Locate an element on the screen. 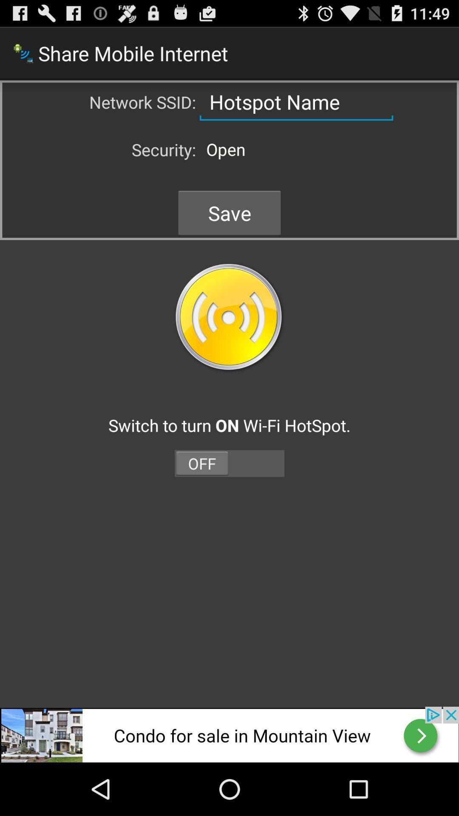 This screenshot has height=816, width=459. record button is located at coordinates (229, 317).